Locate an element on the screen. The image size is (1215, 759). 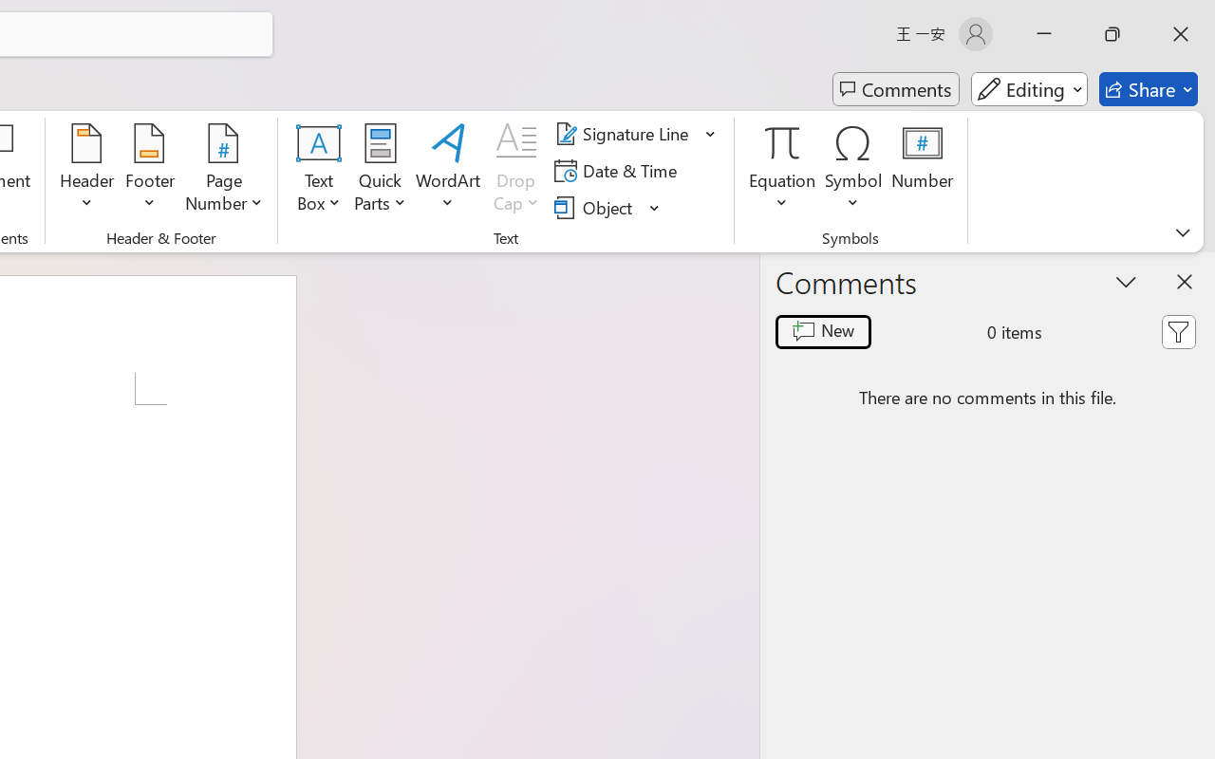
'Date & Time...' is located at coordinates (619, 170).